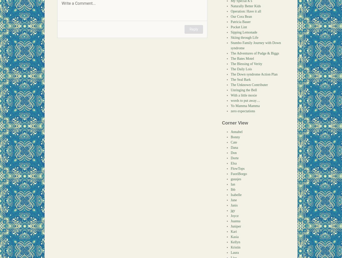  I want to click on 'Yo Mamma Mamma', so click(245, 105).